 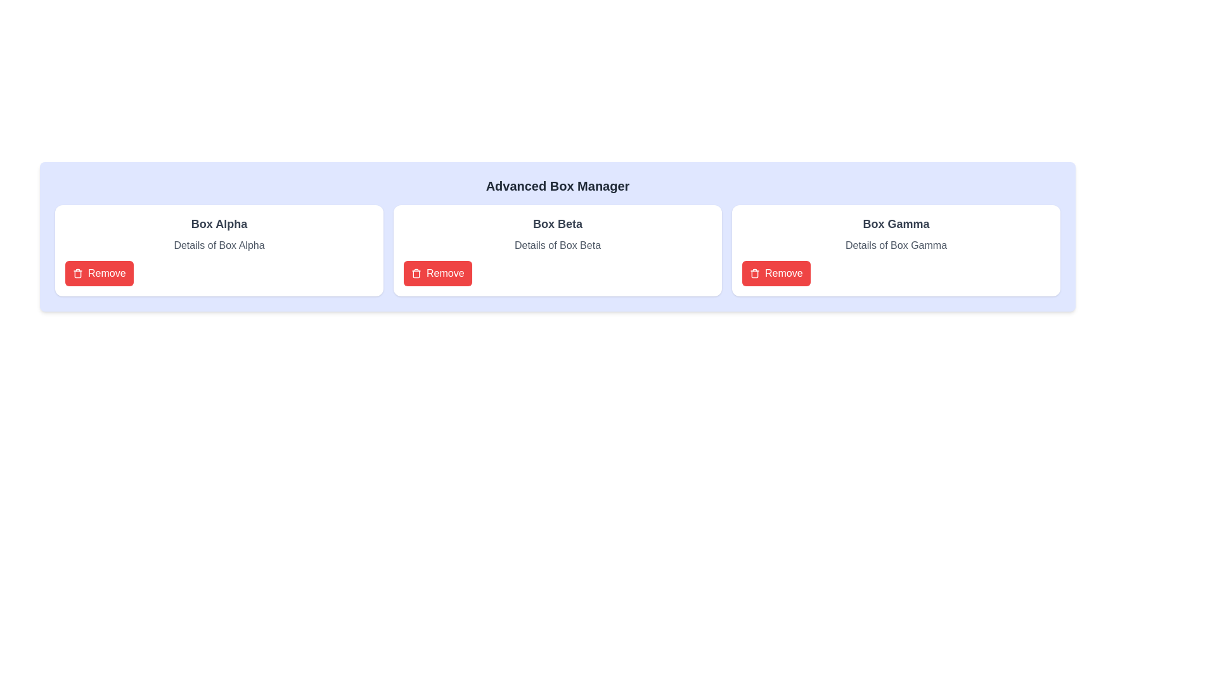 I want to click on the 'Remove' button with a red background and white text, so click(x=98, y=273).